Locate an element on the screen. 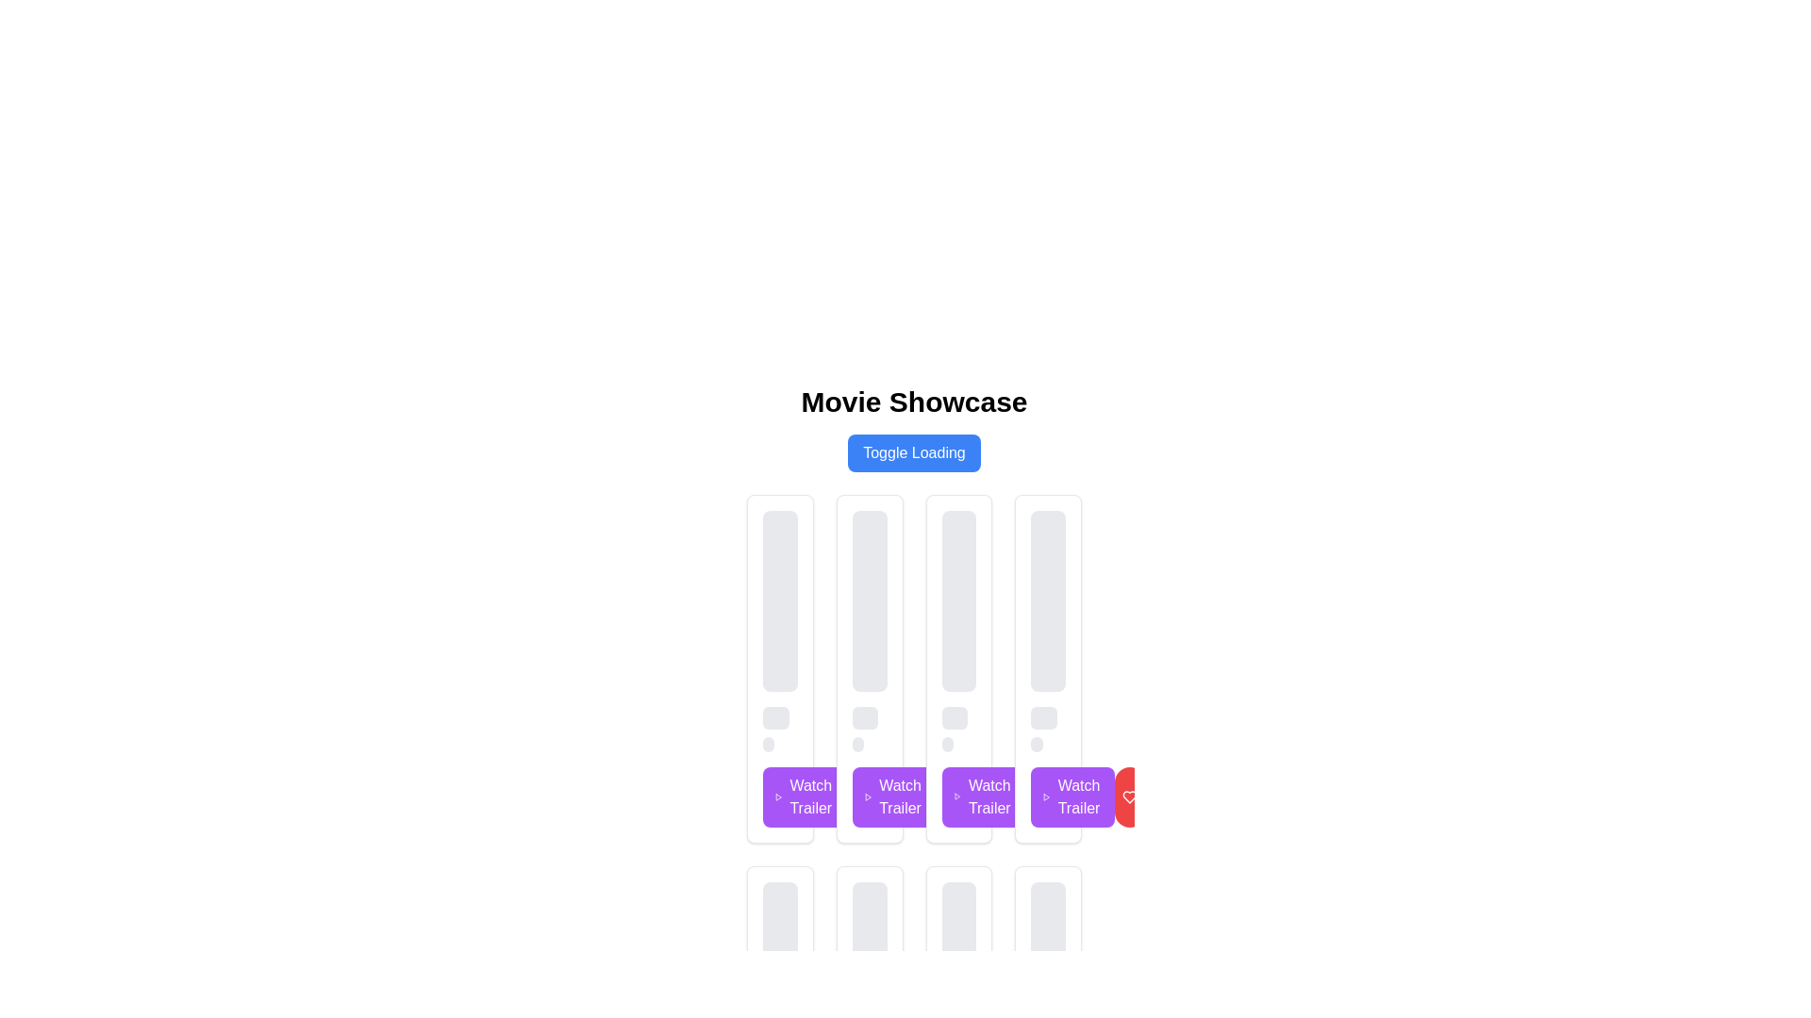 This screenshot has width=1811, height=1018. the heart icon located to the right of the fourth card in the horizontal sequence to mark the item as a favorite is located at coordinates (1130, 796).